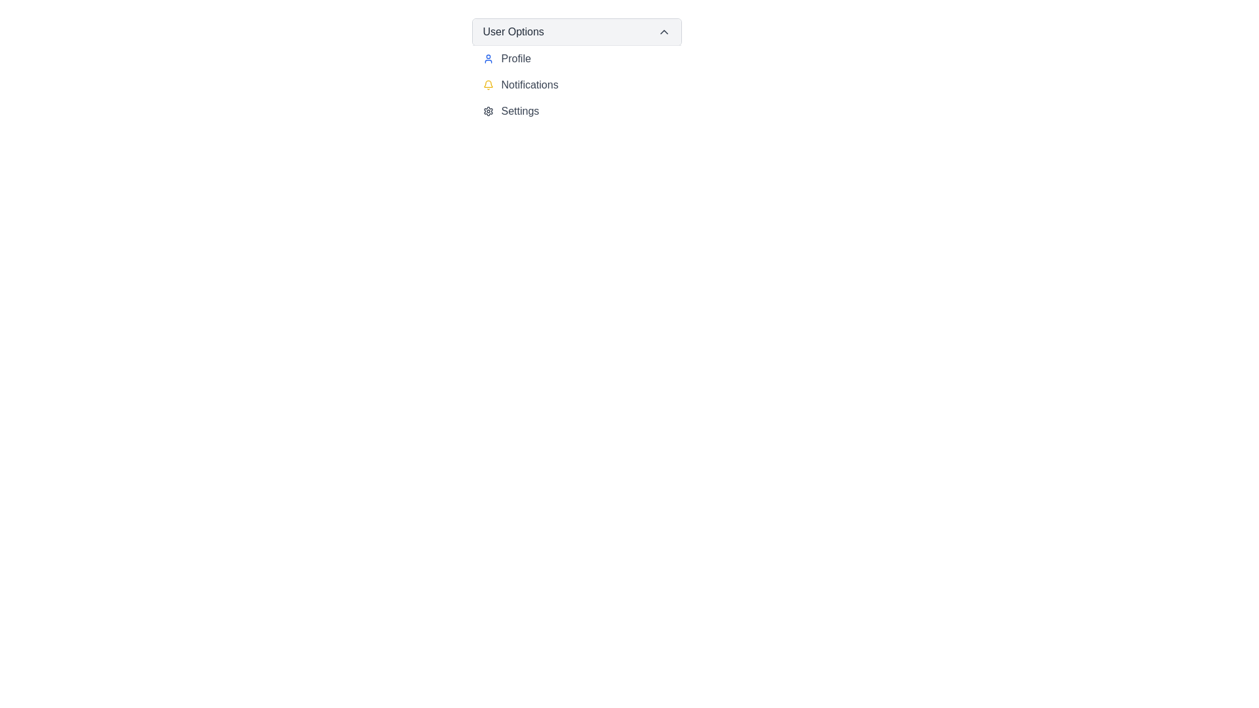  I want to click on the third item, so click(576, 110).